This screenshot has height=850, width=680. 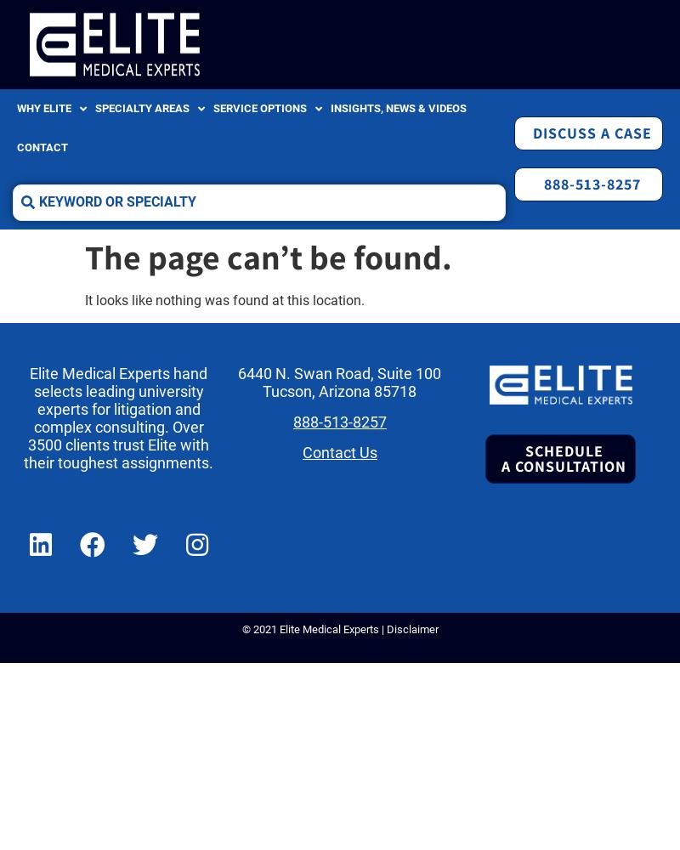 What do you see at coordinates (301, 452) in the screenshot?
I see `'Contact Us'` at bounding box center [301, 452].